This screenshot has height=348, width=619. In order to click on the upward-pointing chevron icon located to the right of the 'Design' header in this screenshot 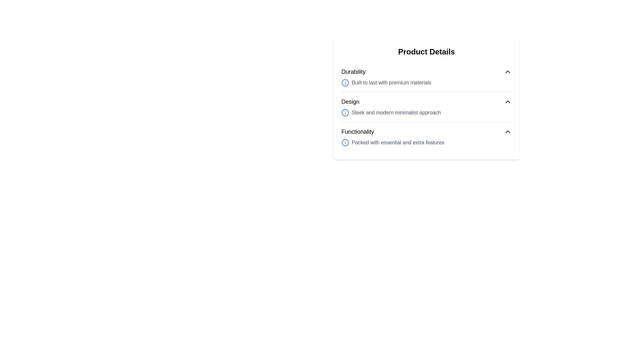, I will do `click(507, 101)`.